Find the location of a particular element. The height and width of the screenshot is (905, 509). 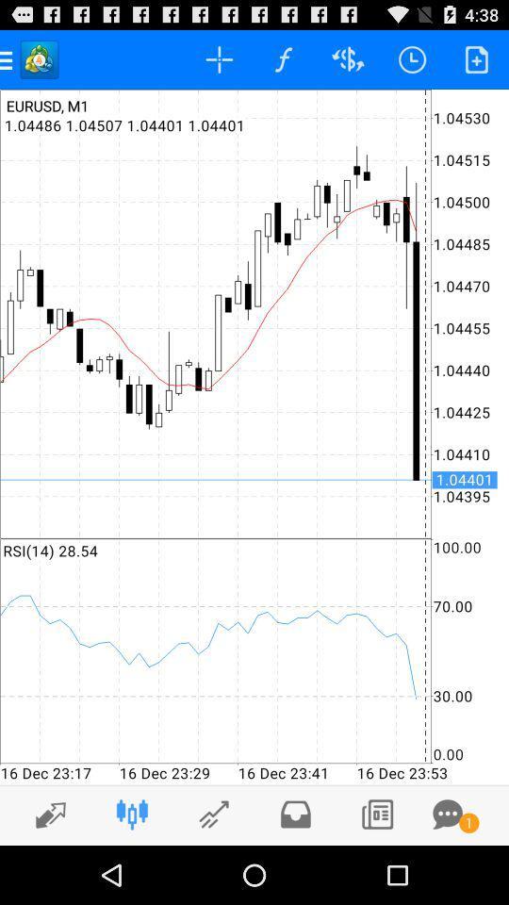

the date_range icon is located at coordinates (377, 871).